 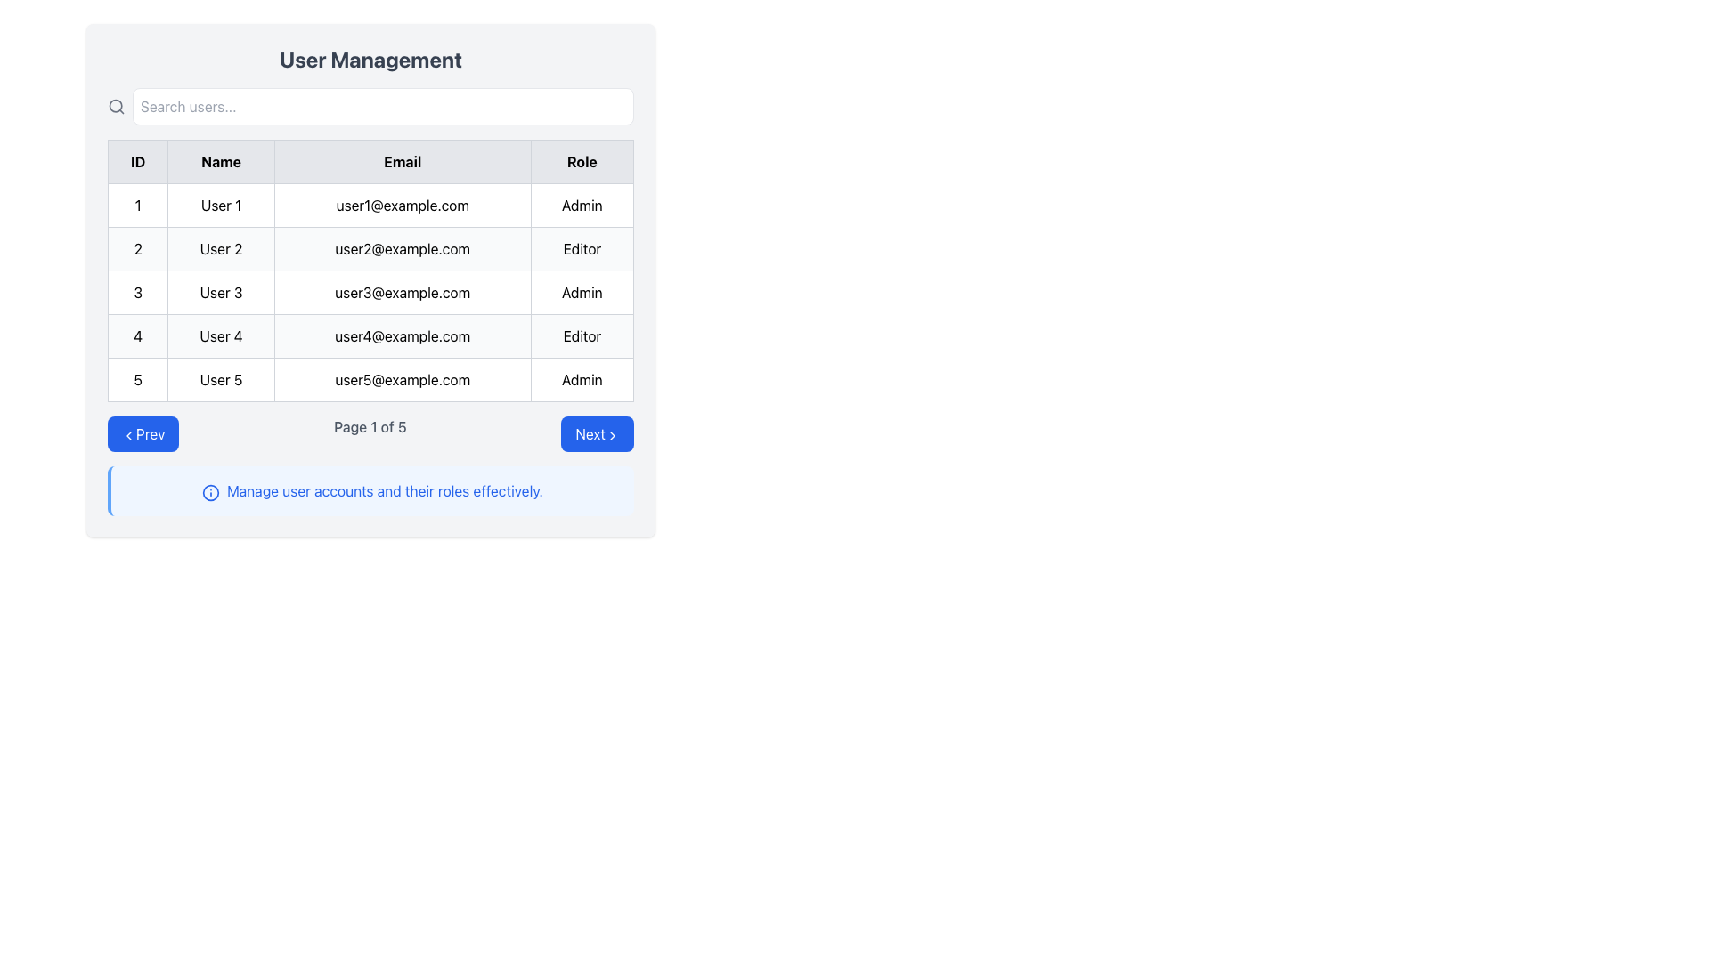 I want to click on the gray magnifying glass icon located at the leftmost position of the search input bar in the 'User Management' section, which is associated with search functionality, so click(x=115, y=106).